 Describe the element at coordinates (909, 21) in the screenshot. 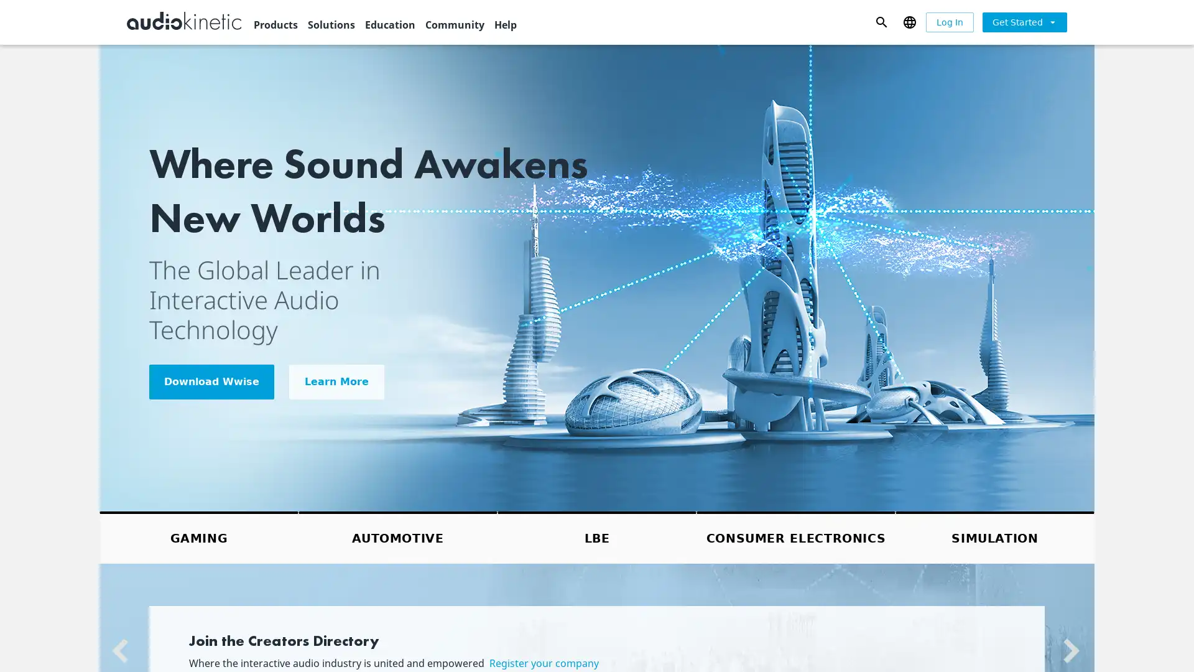

I see `language` at that location.